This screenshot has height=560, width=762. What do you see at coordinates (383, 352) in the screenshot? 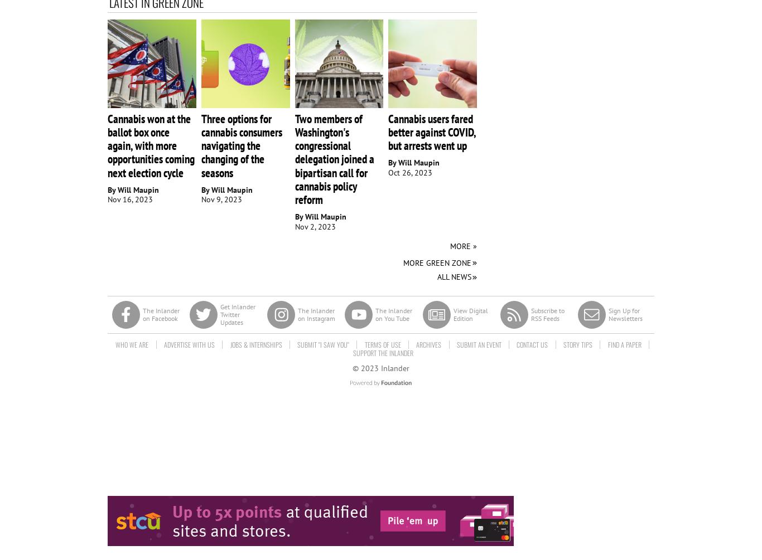
I see `'Support the Inlander'` at bounding box center [383, 352].